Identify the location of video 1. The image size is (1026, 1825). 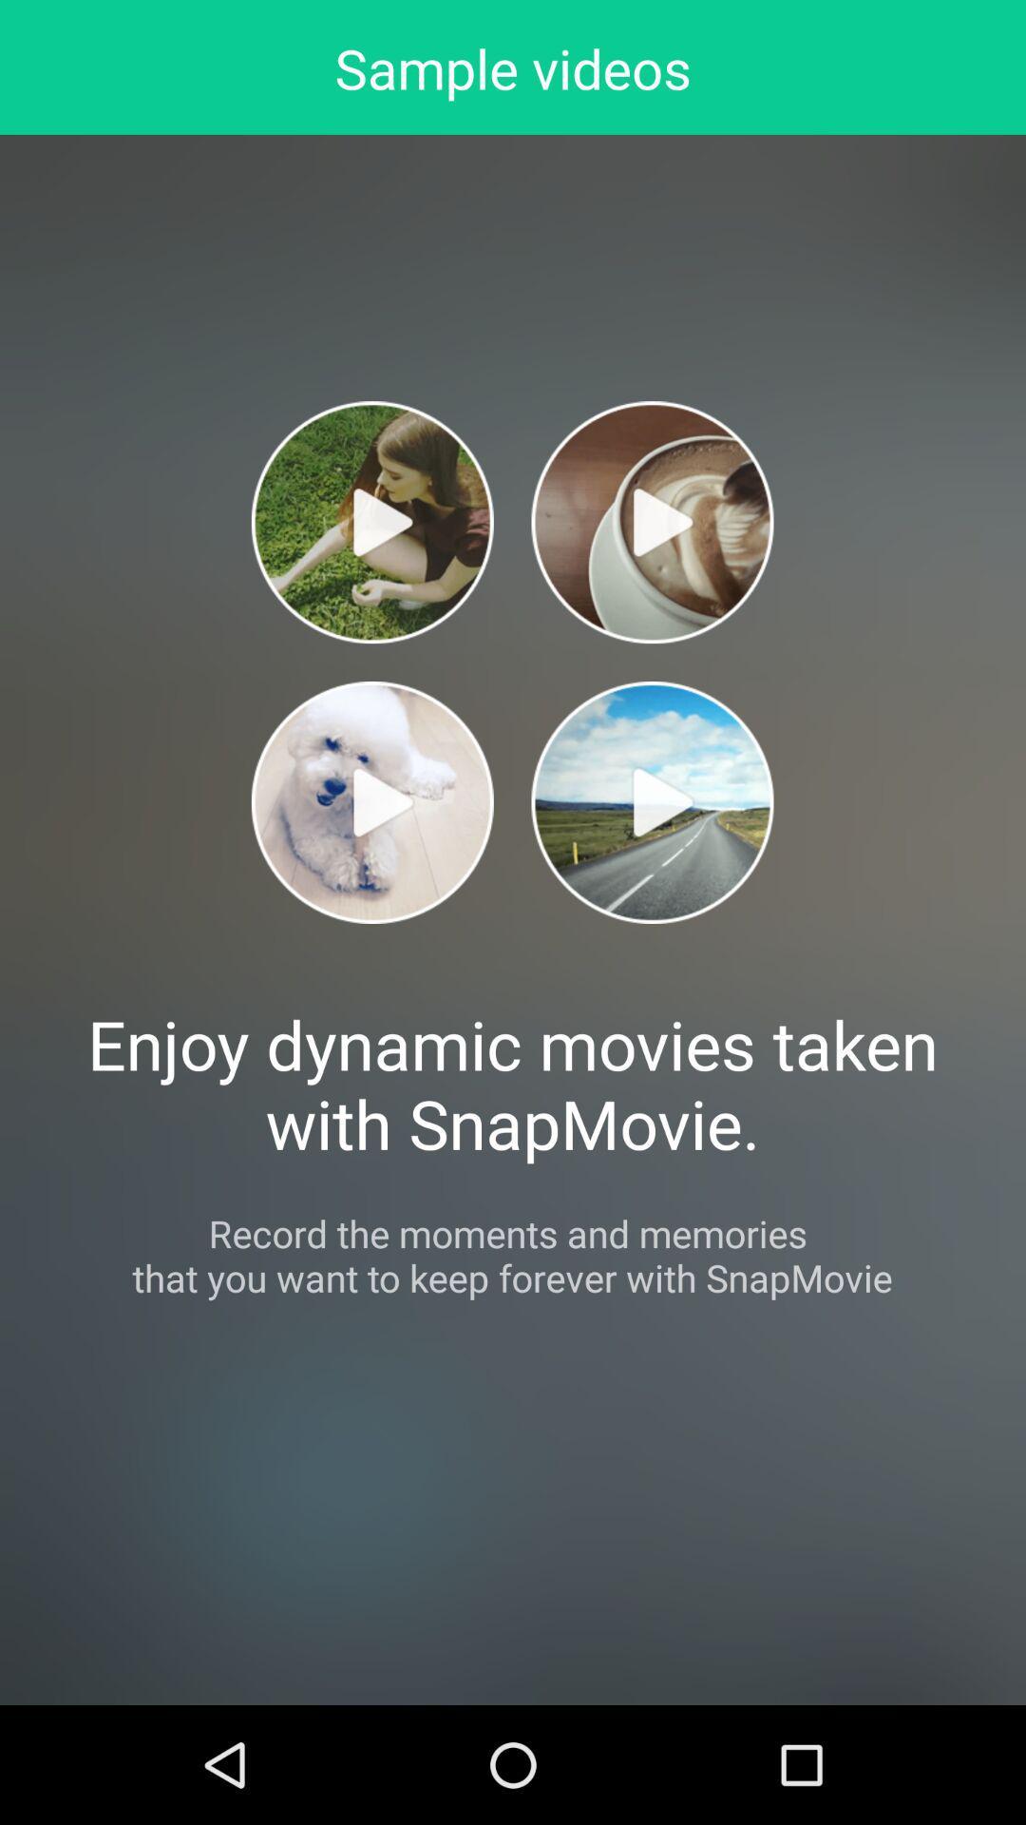
(372, 522).